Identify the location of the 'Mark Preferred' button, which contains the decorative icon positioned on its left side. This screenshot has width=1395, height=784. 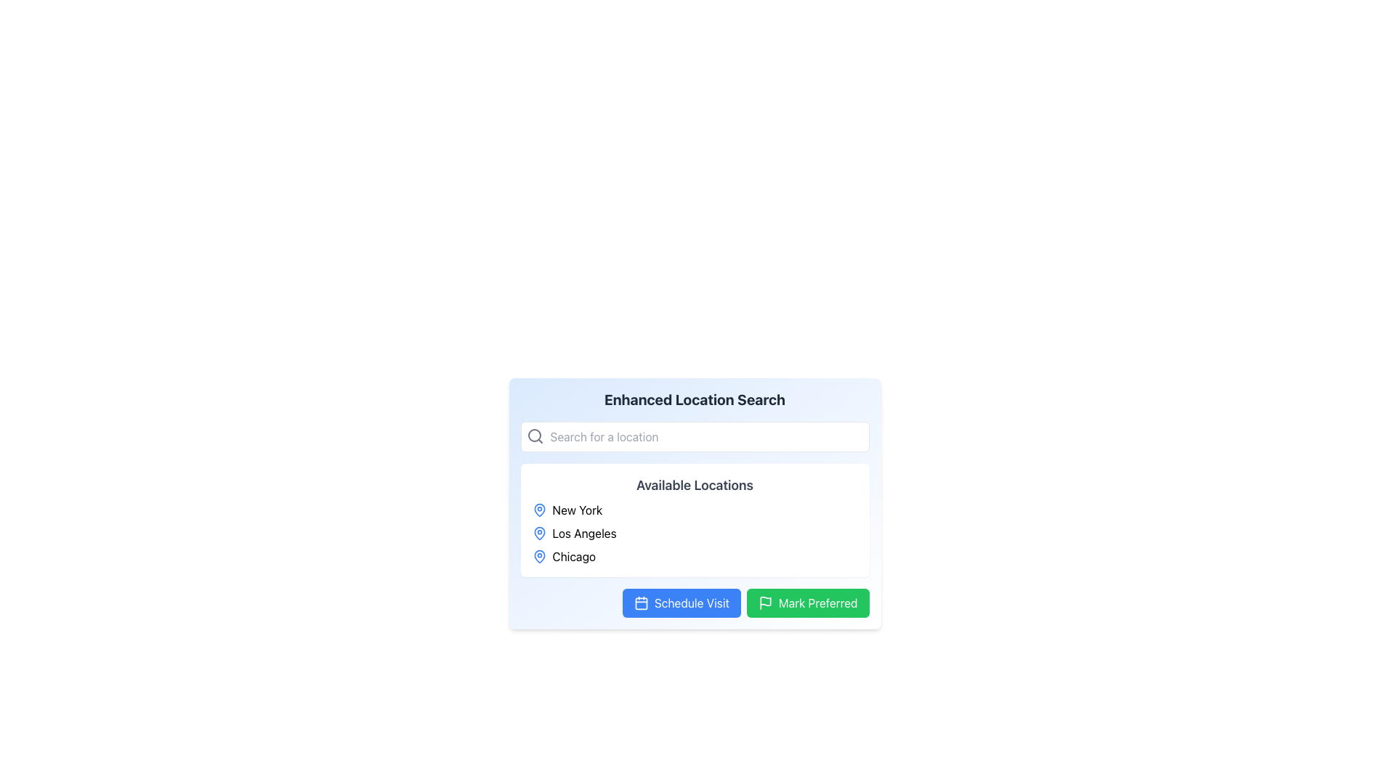
(764, 603).